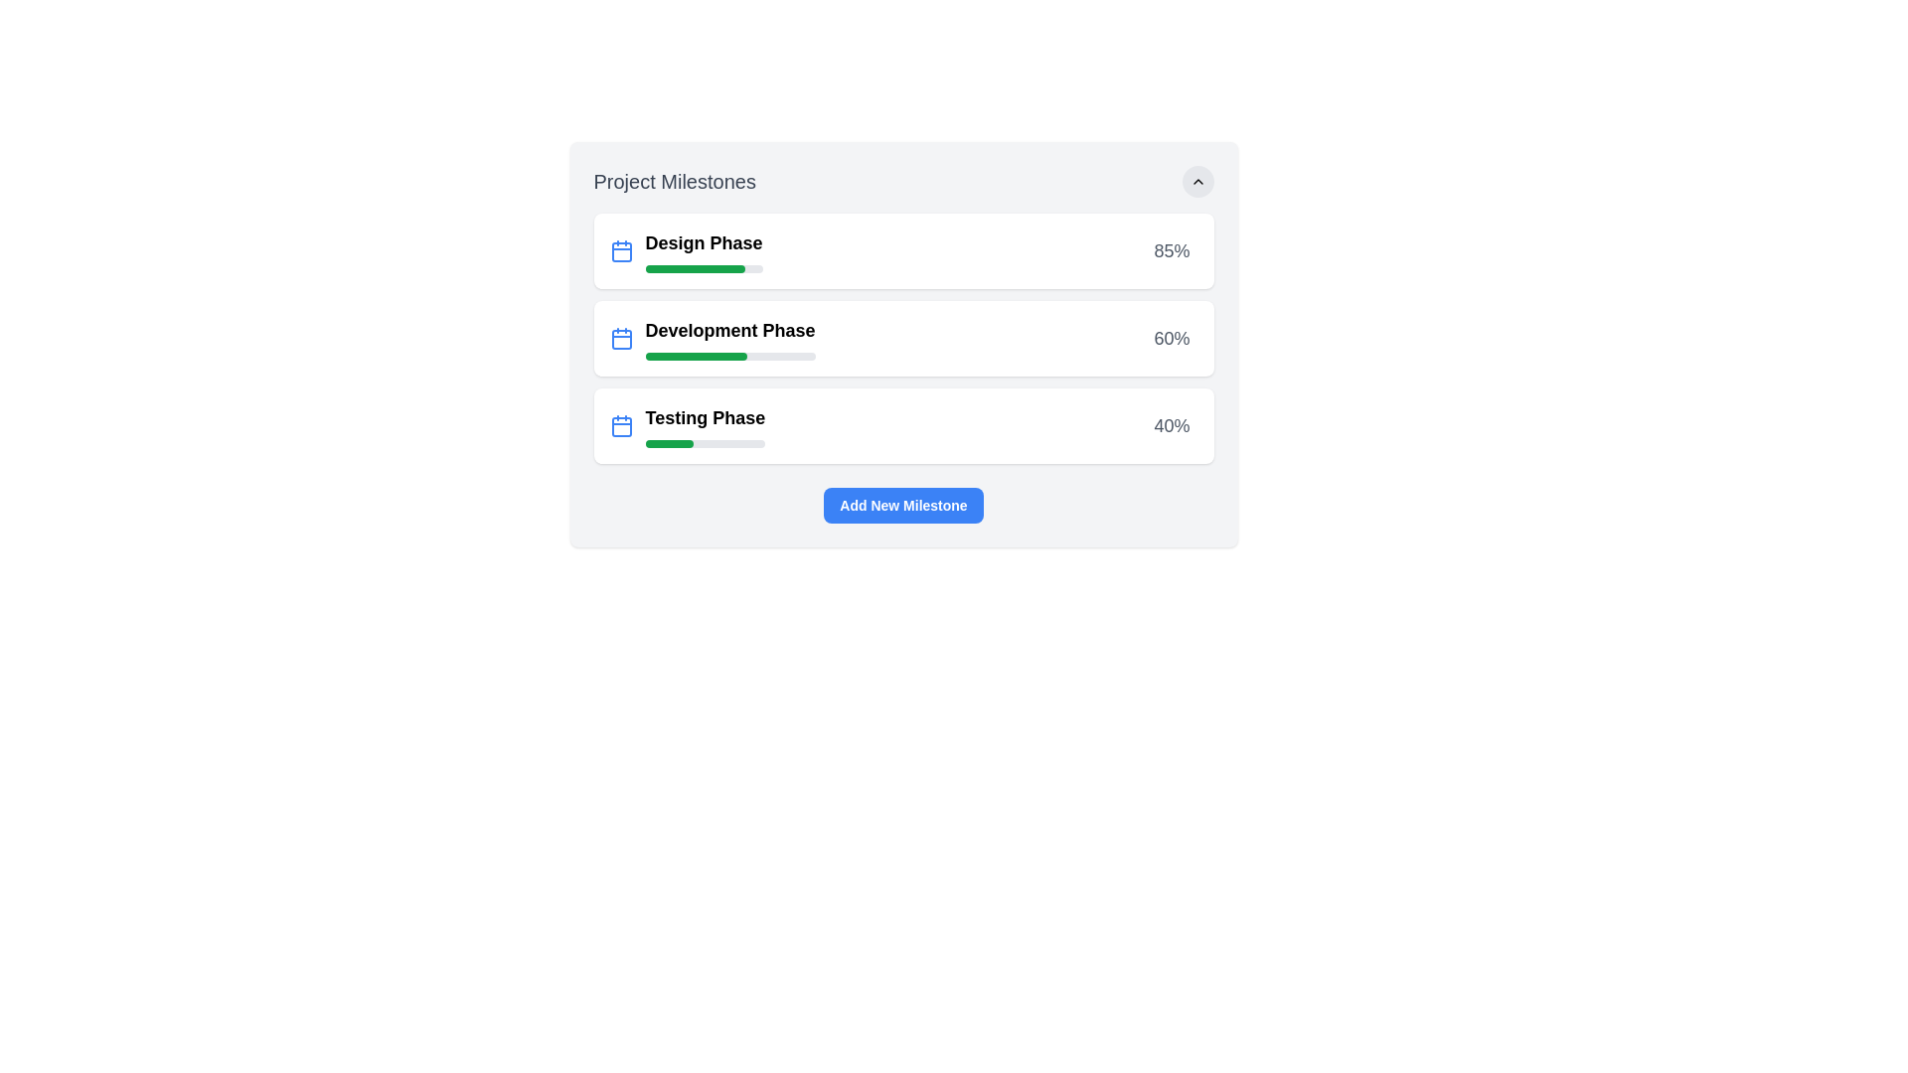  What do you see at coordinates (620, 337) in the screenshot?
I see `the scheduling icon related to the 'Development Phase', located centrally in the second row of cards` at bounding box center [620, 337].